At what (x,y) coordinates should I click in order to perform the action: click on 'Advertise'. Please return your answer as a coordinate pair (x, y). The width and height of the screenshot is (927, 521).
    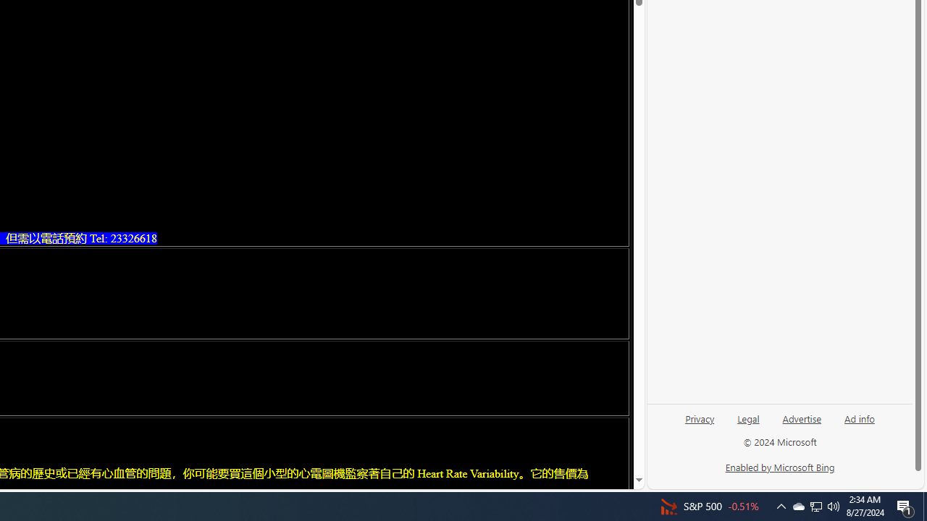
    Looking at the image, I should click on (801, 423).